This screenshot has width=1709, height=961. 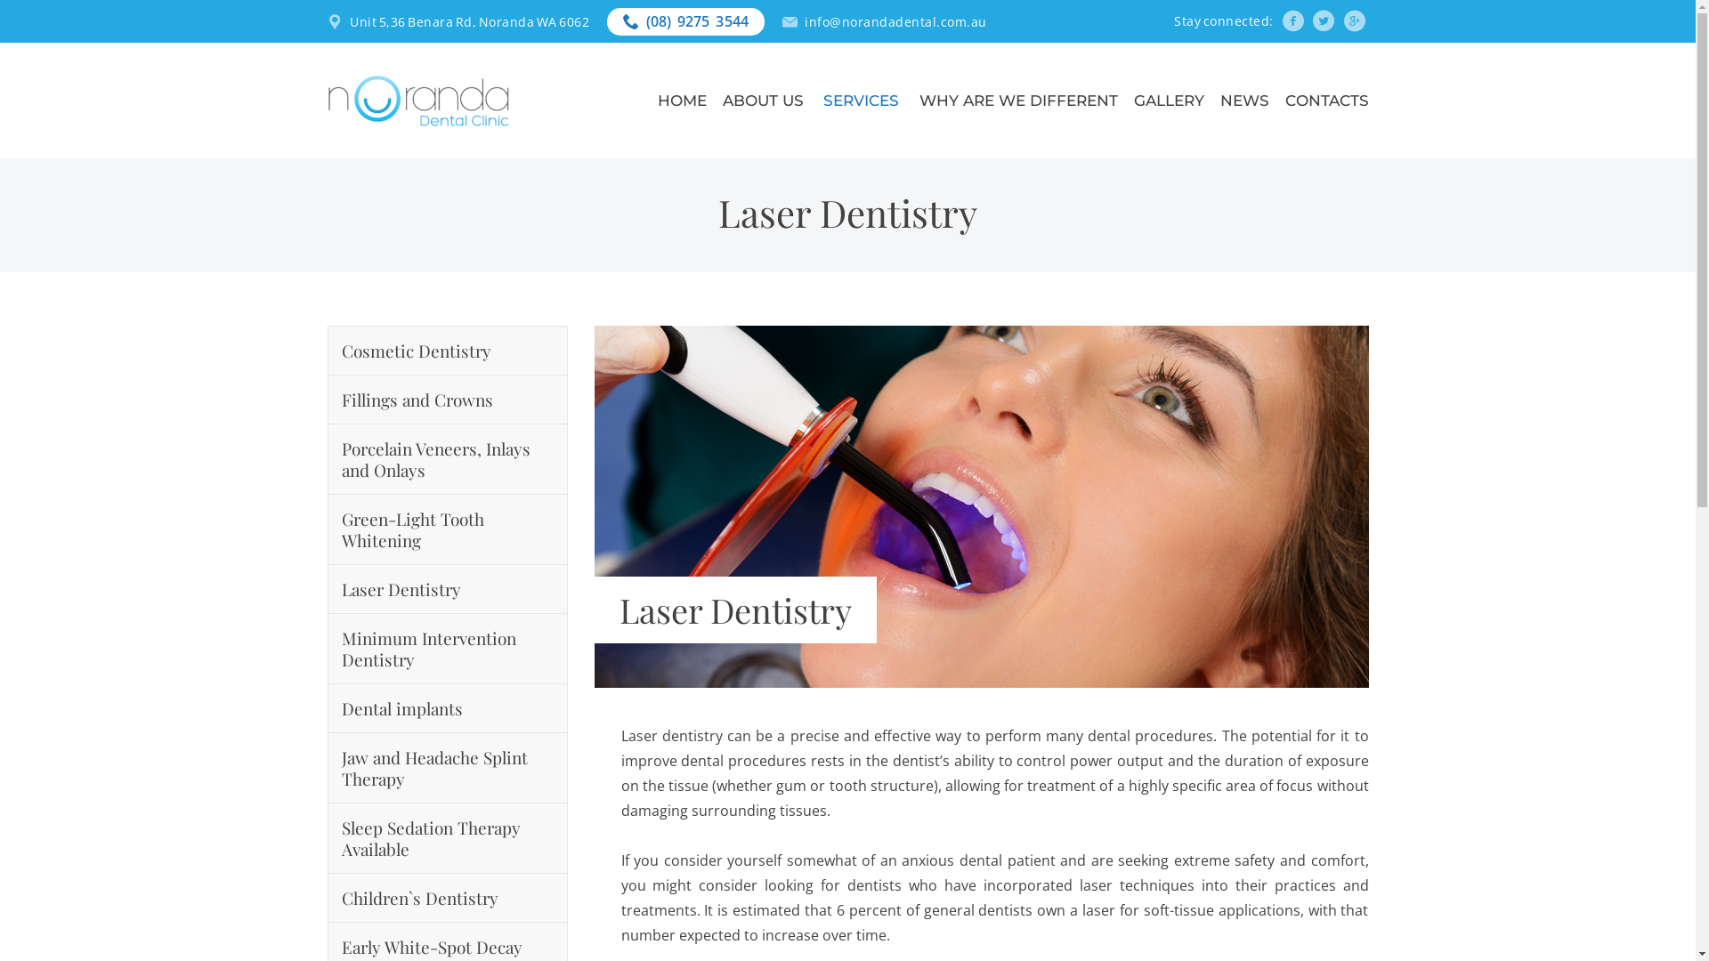 What do you see at coordinates (447, 649) in the screenshot?
I see `'Minimum Intervention Dentistry'` at bounding box center [447, 649].